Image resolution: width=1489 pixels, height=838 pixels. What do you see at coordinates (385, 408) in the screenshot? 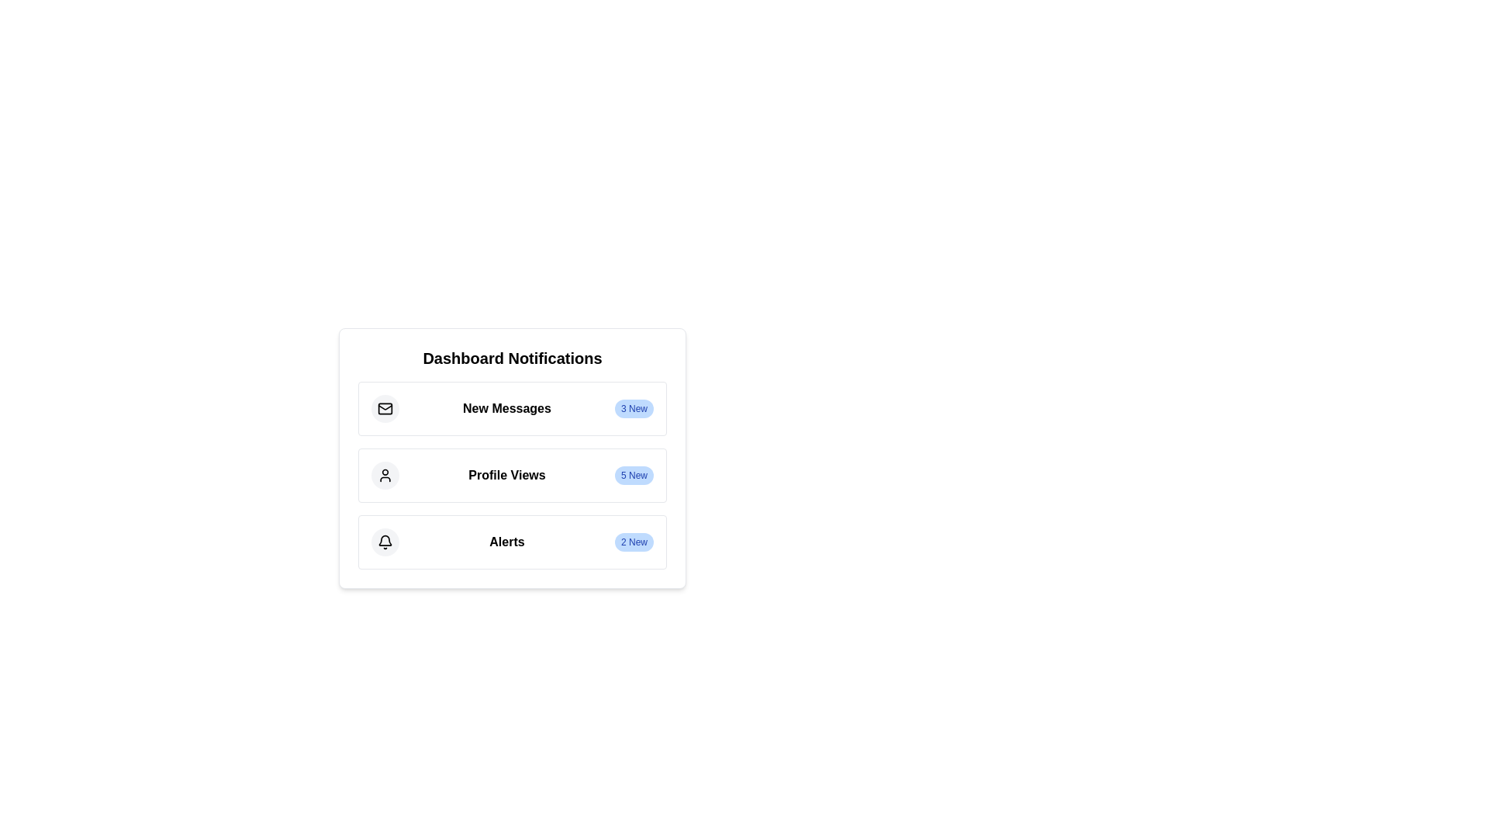
I see `the 'New Messages' icon in the topmost row of the notification list to interact with notifications` at bounding box center [385, 408].